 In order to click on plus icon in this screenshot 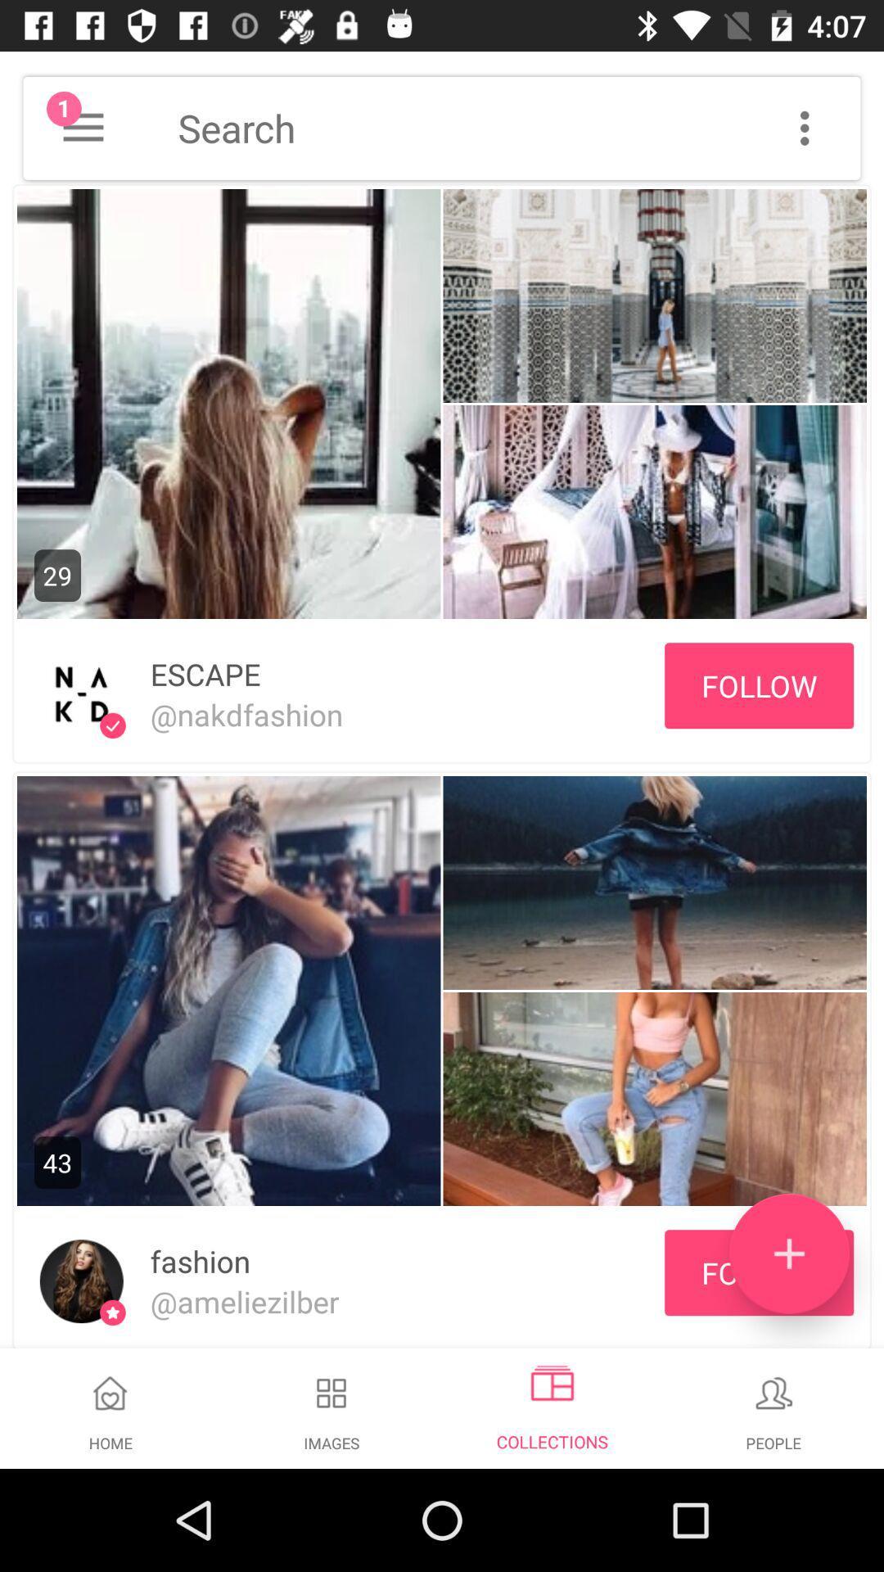, I will do `click(788, 1253)`.